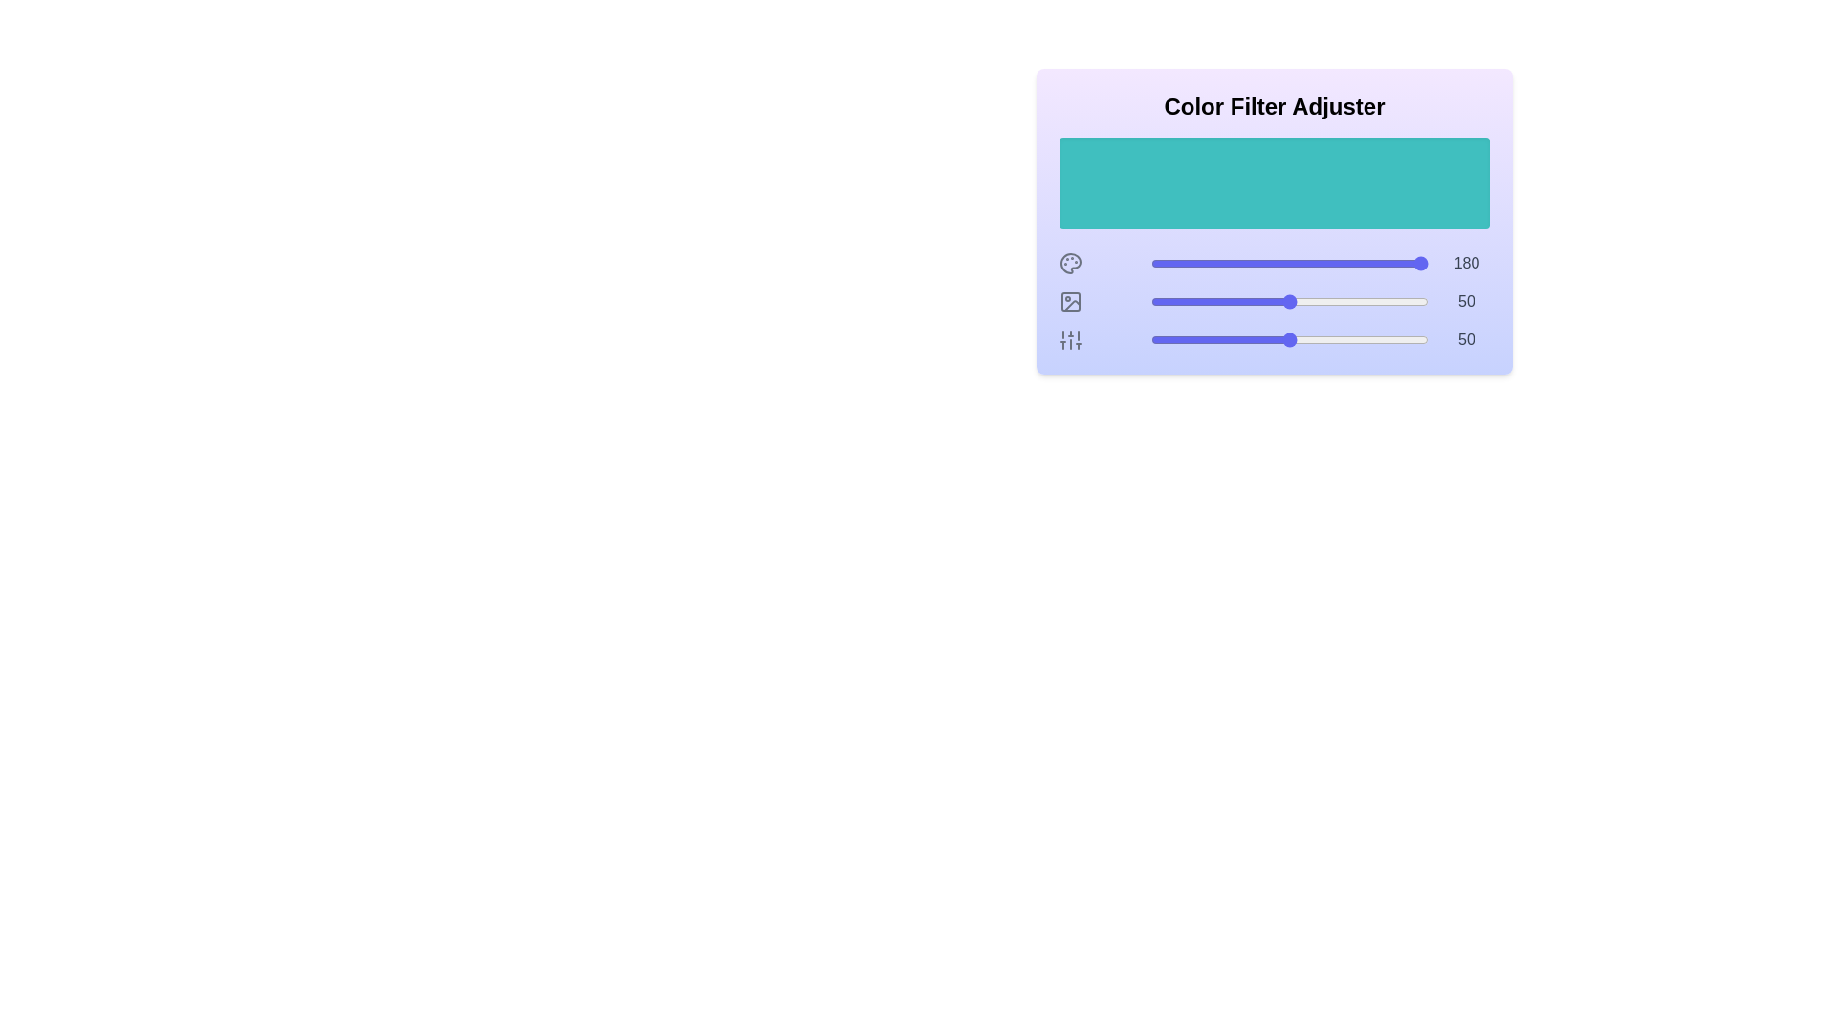 The image size is (1836, 1032). What do you see at coordinates (1200, 264) in the screenshot?
I see `the 0 slider to 18 to observe the color preview area` at bounding box center [1200, 264].